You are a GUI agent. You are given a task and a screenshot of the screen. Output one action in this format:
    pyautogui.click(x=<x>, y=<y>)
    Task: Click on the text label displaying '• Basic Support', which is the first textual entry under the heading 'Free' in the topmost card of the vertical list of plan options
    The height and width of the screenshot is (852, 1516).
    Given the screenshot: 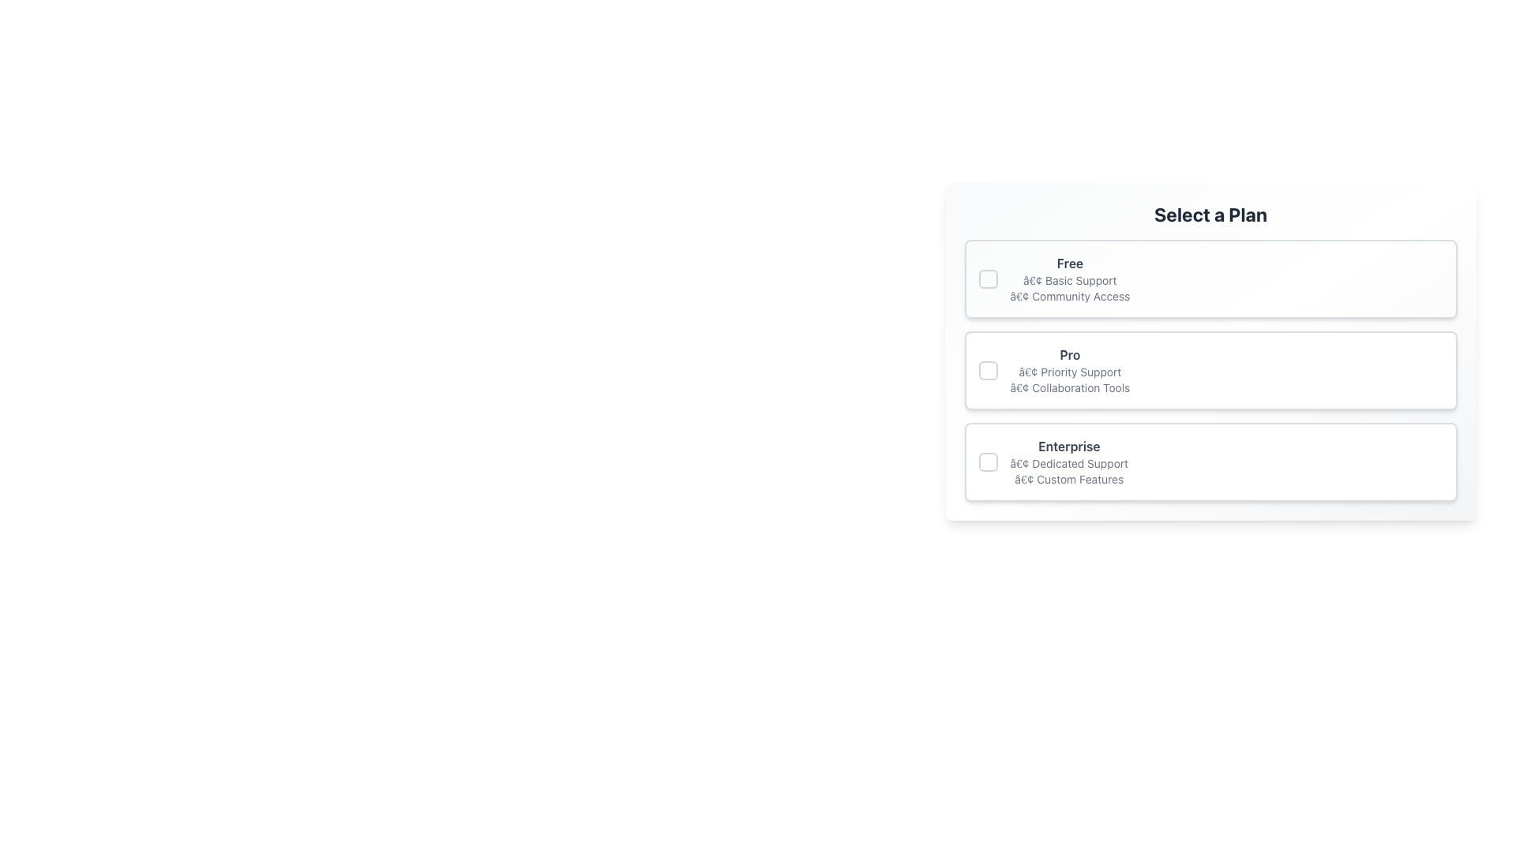 What is the action you would take?
    pyautogui.click(x=1070, y=279)
    